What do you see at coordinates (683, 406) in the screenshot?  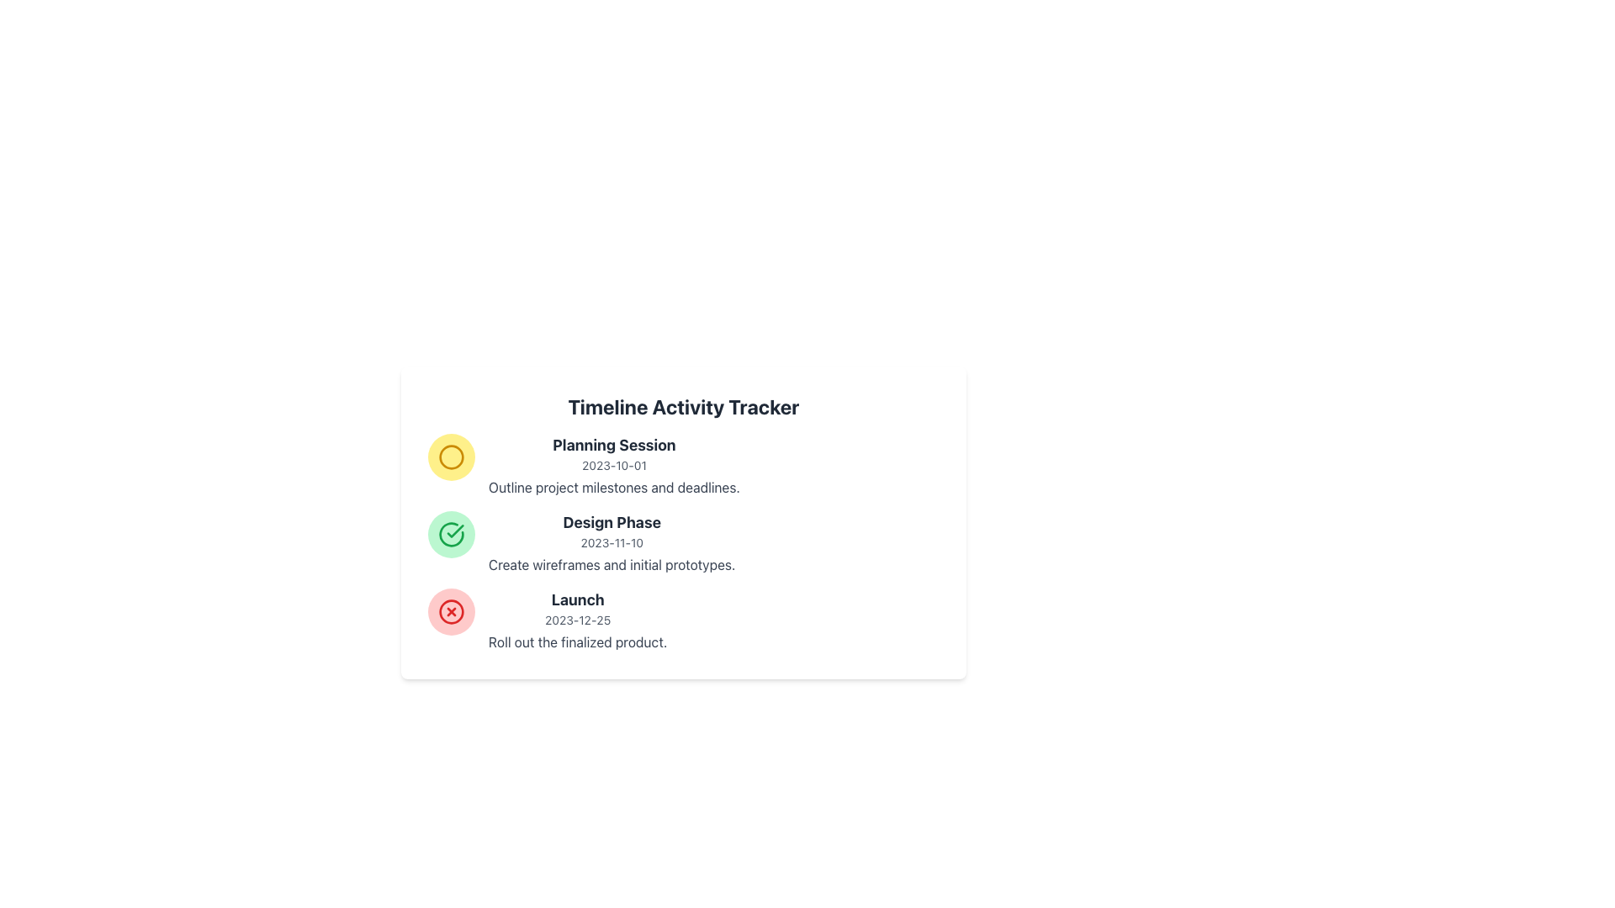 I see `text 'Timeline Activity Tracker' which is prominently displayed at the top of the card-like component` at bounding box center [683, 406].